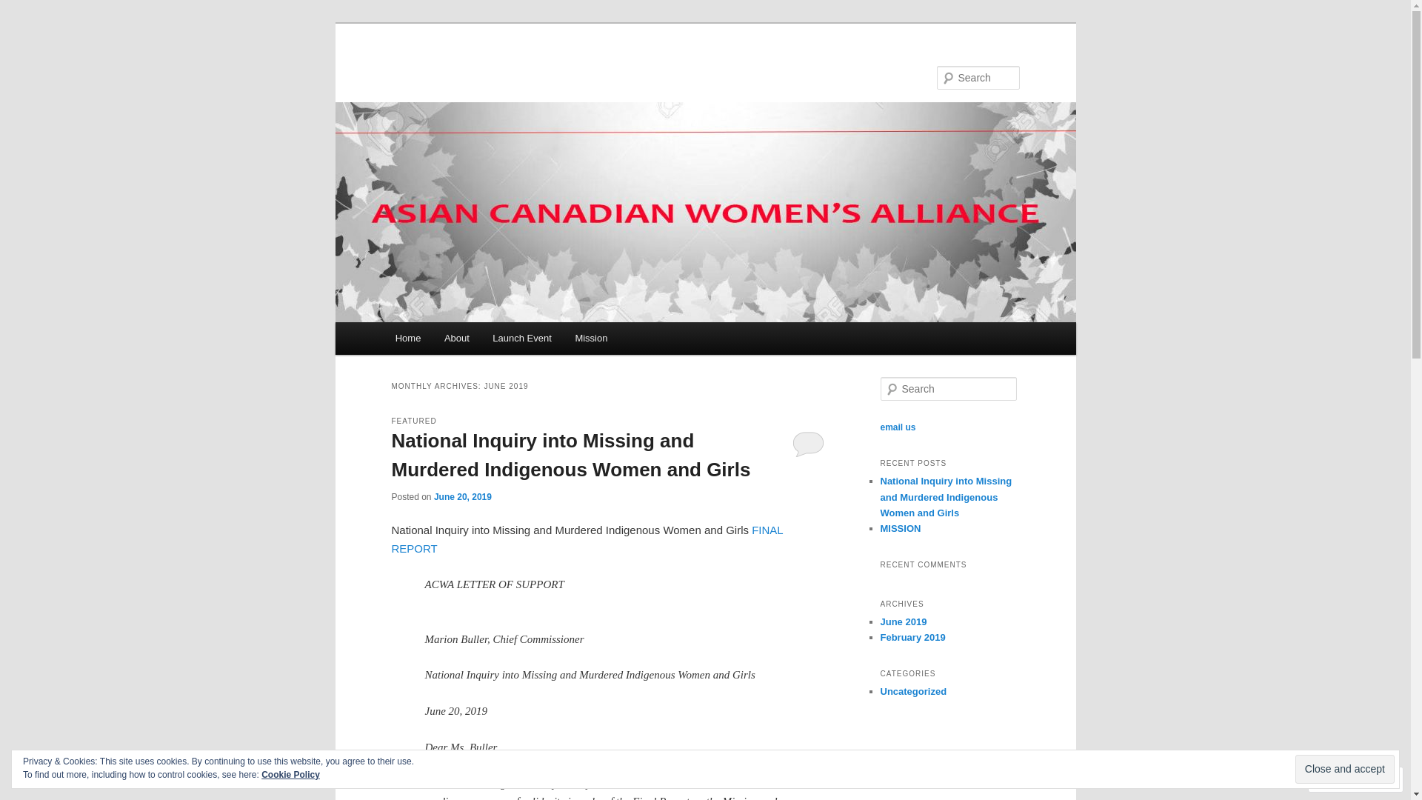  What do you see at coordinates (880, 427) in the screenshot?
I see `'email us'` at bounding box center [880, 427].